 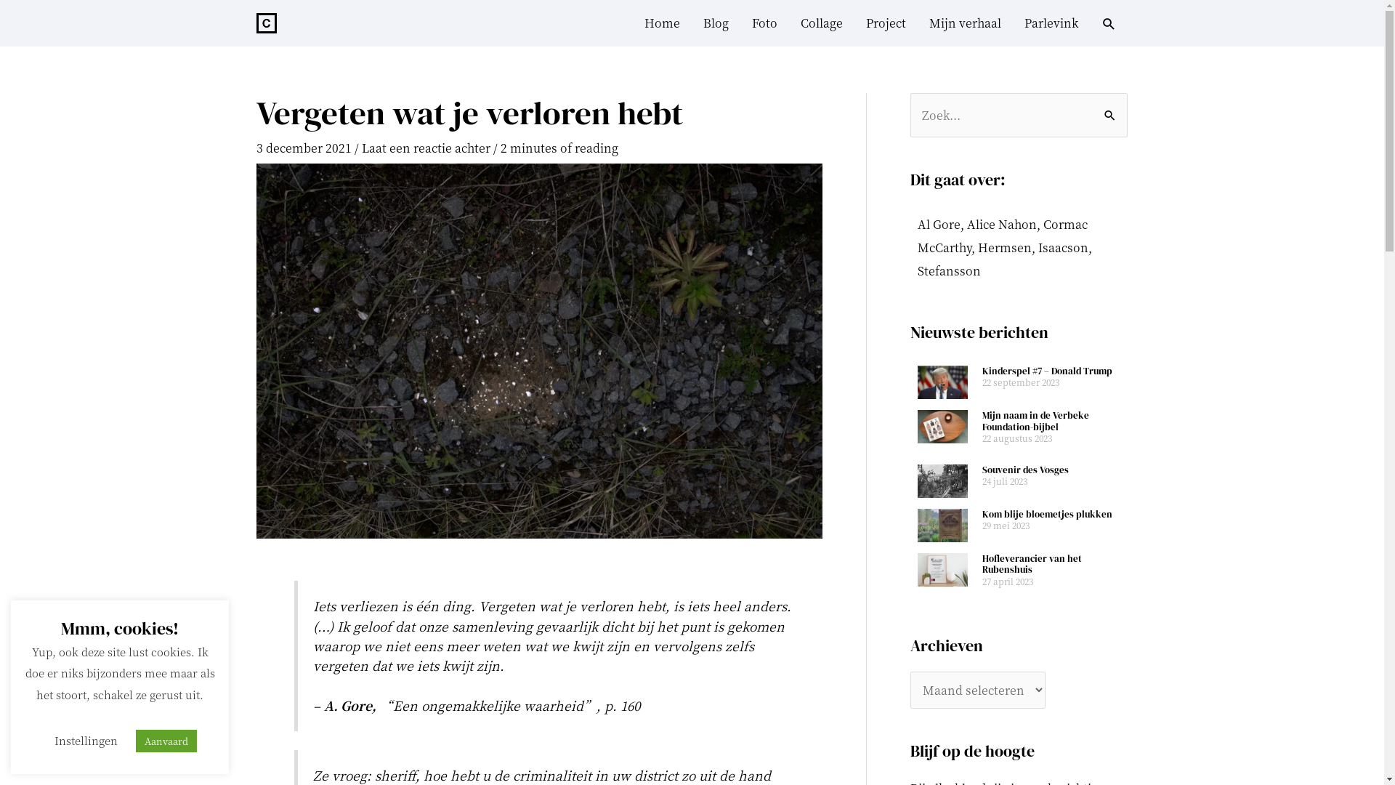 What do you see at coordinates (916, 23) in the screenshot?
I see `'Mijn verhaal'` at bounding box center [916, 23].